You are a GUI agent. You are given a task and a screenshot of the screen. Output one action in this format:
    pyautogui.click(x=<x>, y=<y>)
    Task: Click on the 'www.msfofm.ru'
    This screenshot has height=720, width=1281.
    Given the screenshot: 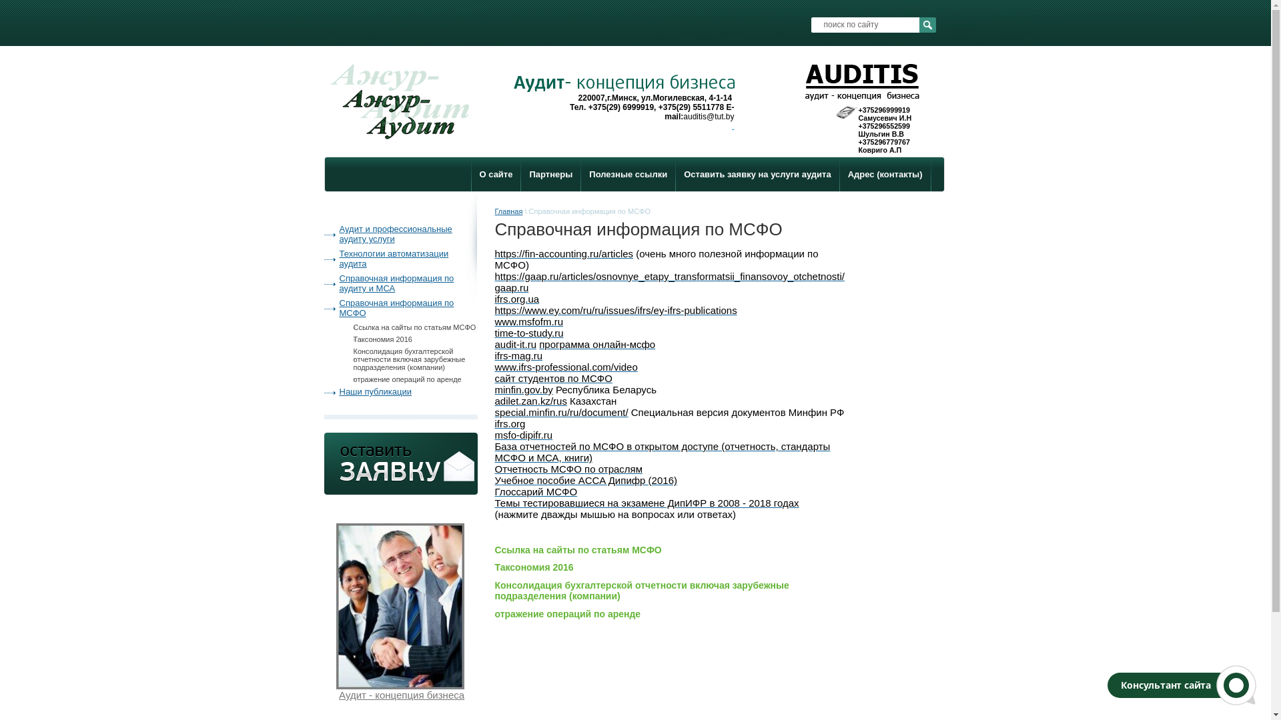 What is the action you would take?
    pyautogui.click(x=528, y=321)
    